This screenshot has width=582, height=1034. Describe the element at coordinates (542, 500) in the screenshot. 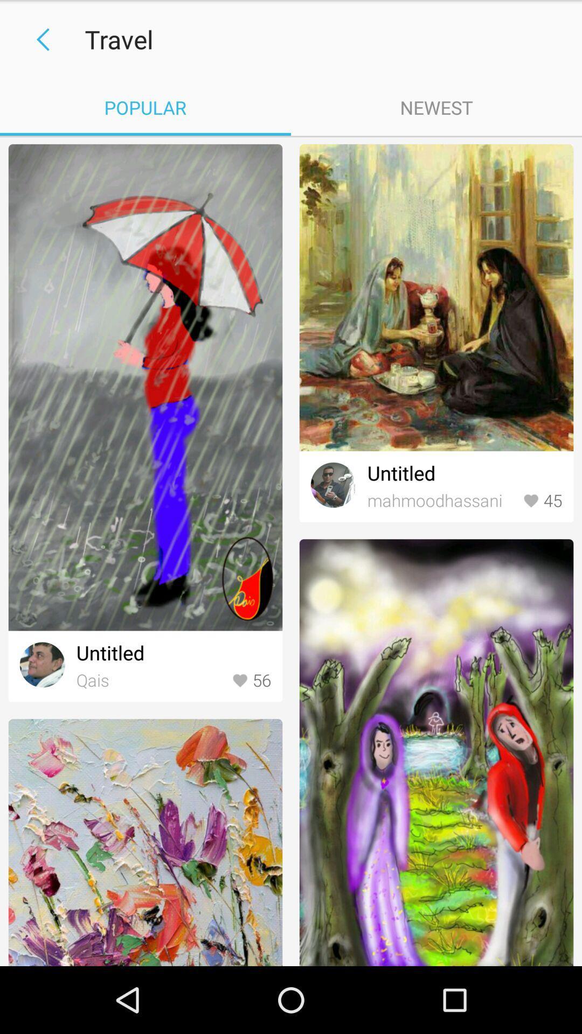

I see `icon to the right of mahmoodhassani icon` at that location.